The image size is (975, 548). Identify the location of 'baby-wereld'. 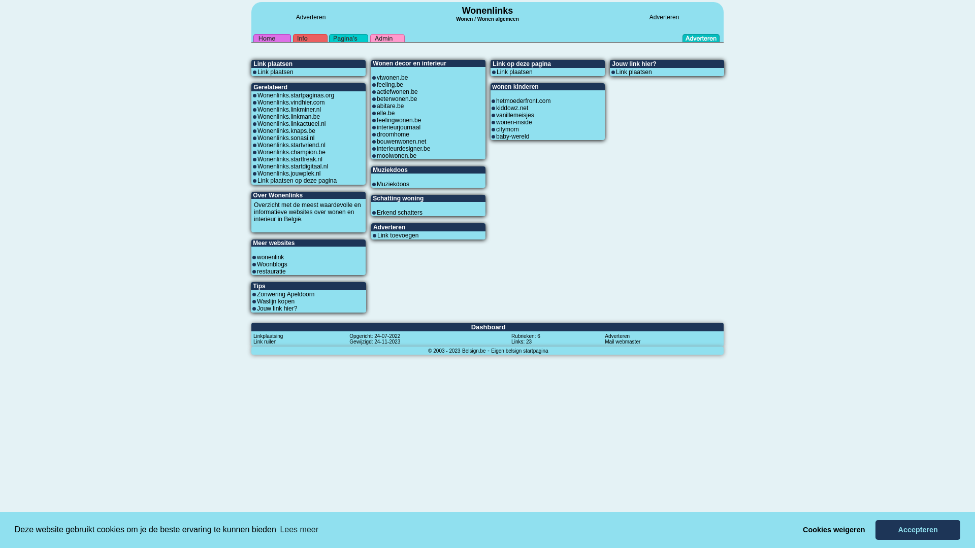
(512, 136).